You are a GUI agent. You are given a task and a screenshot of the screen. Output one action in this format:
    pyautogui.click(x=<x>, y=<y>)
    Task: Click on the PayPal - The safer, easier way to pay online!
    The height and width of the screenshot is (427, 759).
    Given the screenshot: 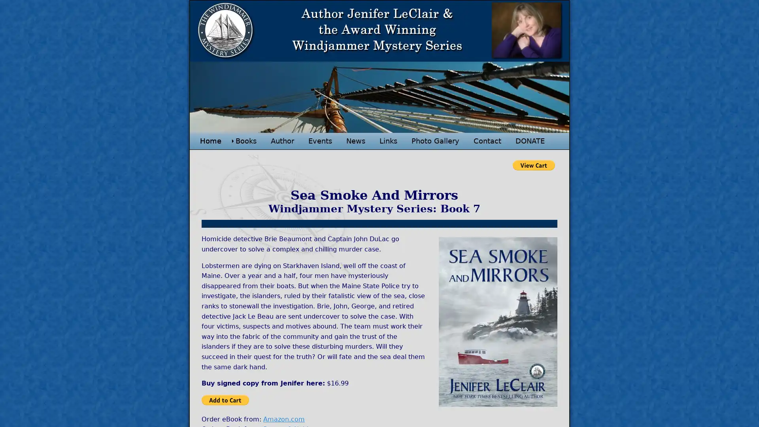 What is the action you would take?
    pyautogui.click(x=225, y=399)
    